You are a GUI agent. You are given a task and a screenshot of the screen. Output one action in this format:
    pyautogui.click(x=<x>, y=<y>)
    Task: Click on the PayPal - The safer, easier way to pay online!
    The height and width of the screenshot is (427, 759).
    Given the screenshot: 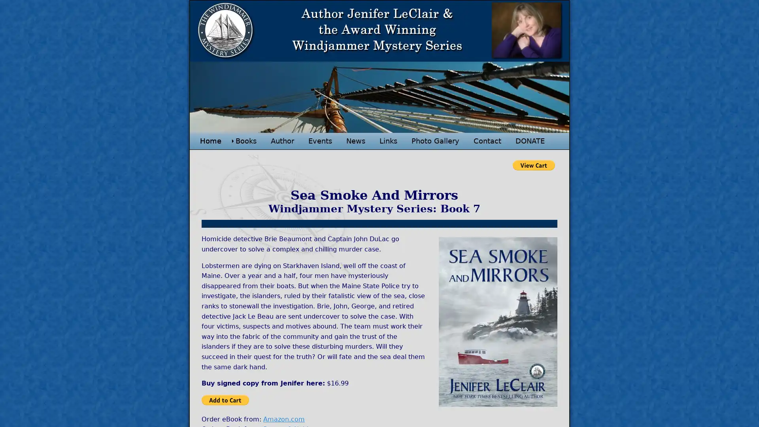 What is the action you would take?
    pyautogui.click(x=225, y=399)
    